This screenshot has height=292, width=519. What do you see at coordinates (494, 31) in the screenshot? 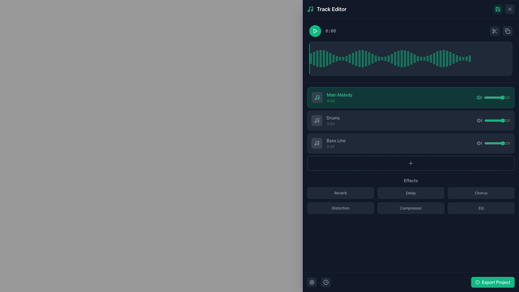
I see `the dark rounded rectangle button with a scissors icon located at the upper-right portion of the interface` at bounding box center [494, 31].